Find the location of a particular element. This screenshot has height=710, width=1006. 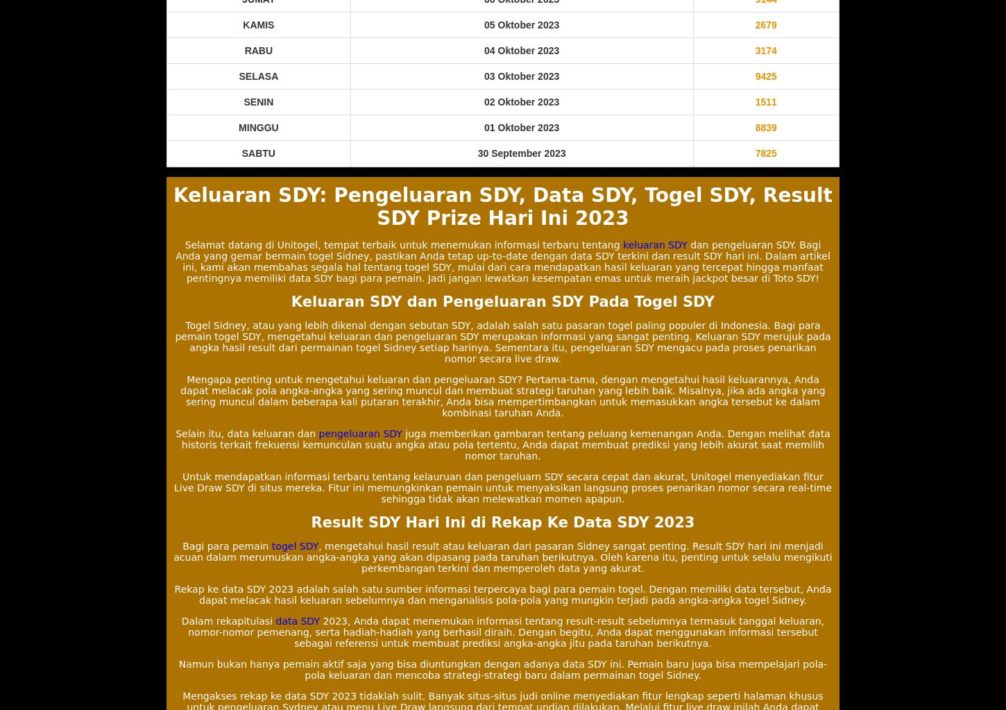

'Keluaran SDY: Pengeluaran SDY, Data SDY, Togel SDY, Result SDY Prize Hari Ini 2023' is located at coordinates (502, 205).